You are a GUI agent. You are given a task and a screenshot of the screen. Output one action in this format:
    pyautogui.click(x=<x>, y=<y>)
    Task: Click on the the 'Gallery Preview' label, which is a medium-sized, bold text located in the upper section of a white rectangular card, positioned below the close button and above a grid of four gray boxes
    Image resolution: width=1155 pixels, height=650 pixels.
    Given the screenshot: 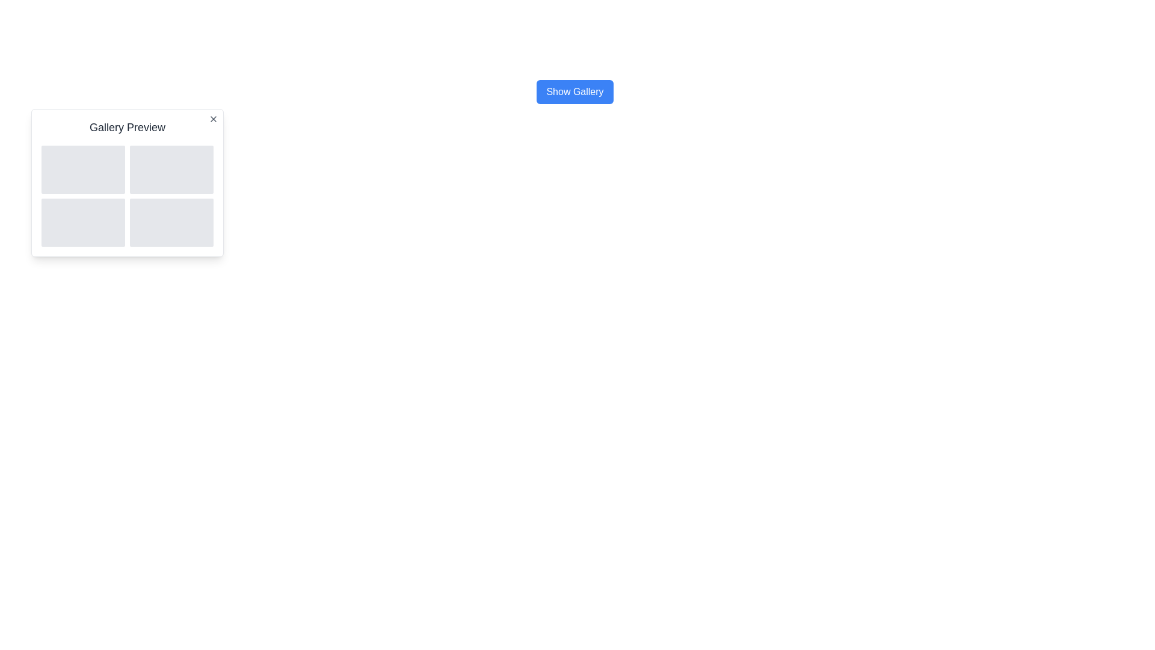 What is the action you would take?
    pyautogui.click(x=127, y=128)
    